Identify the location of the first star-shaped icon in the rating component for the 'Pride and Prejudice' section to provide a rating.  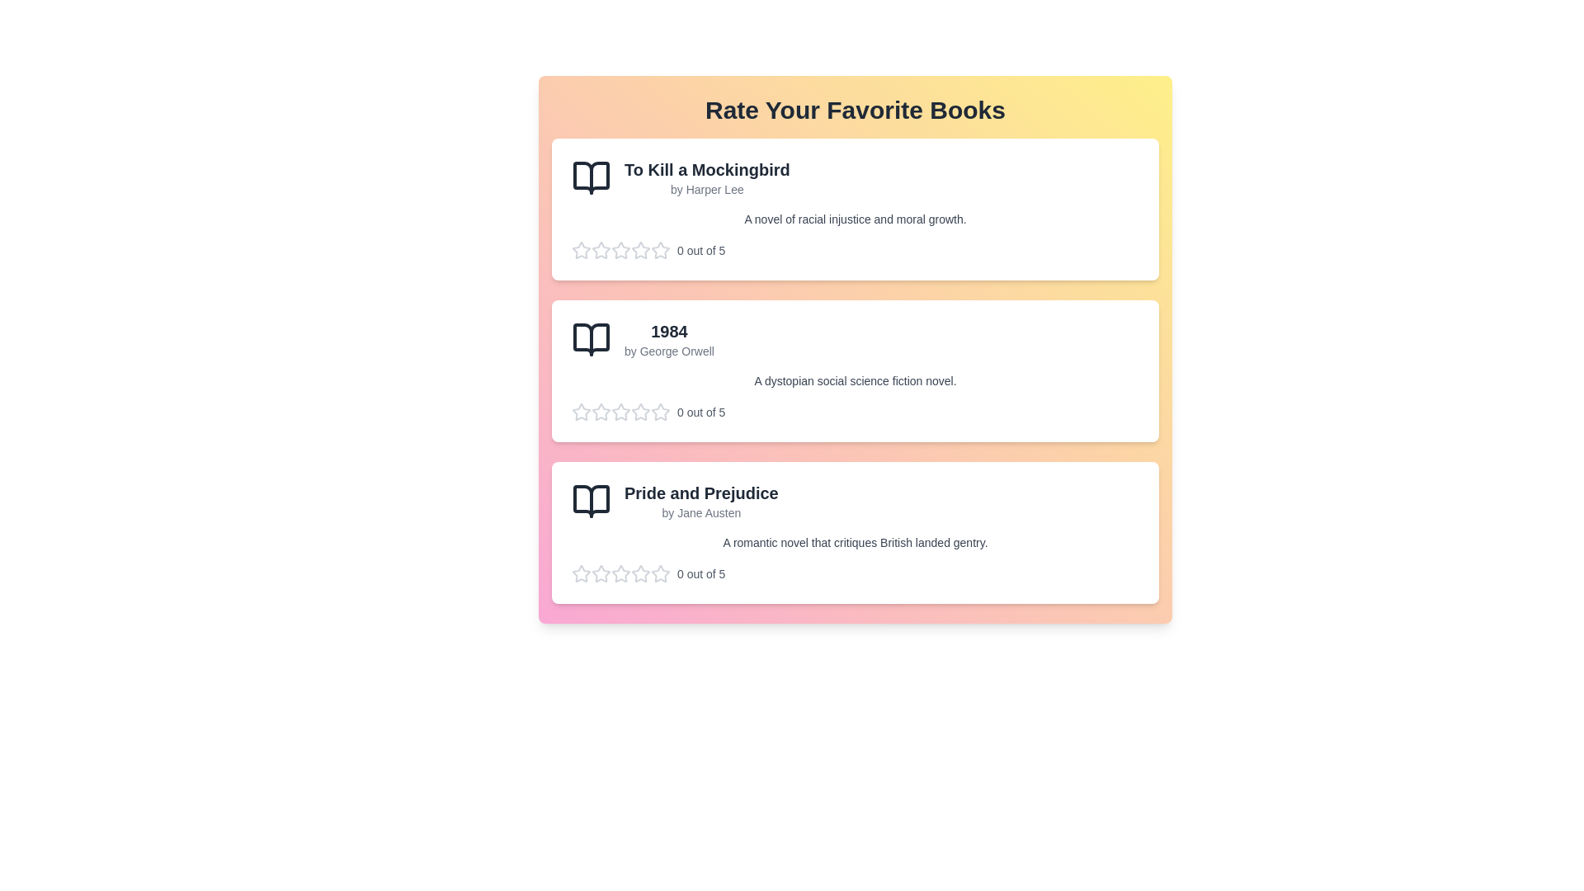
(582, 573).